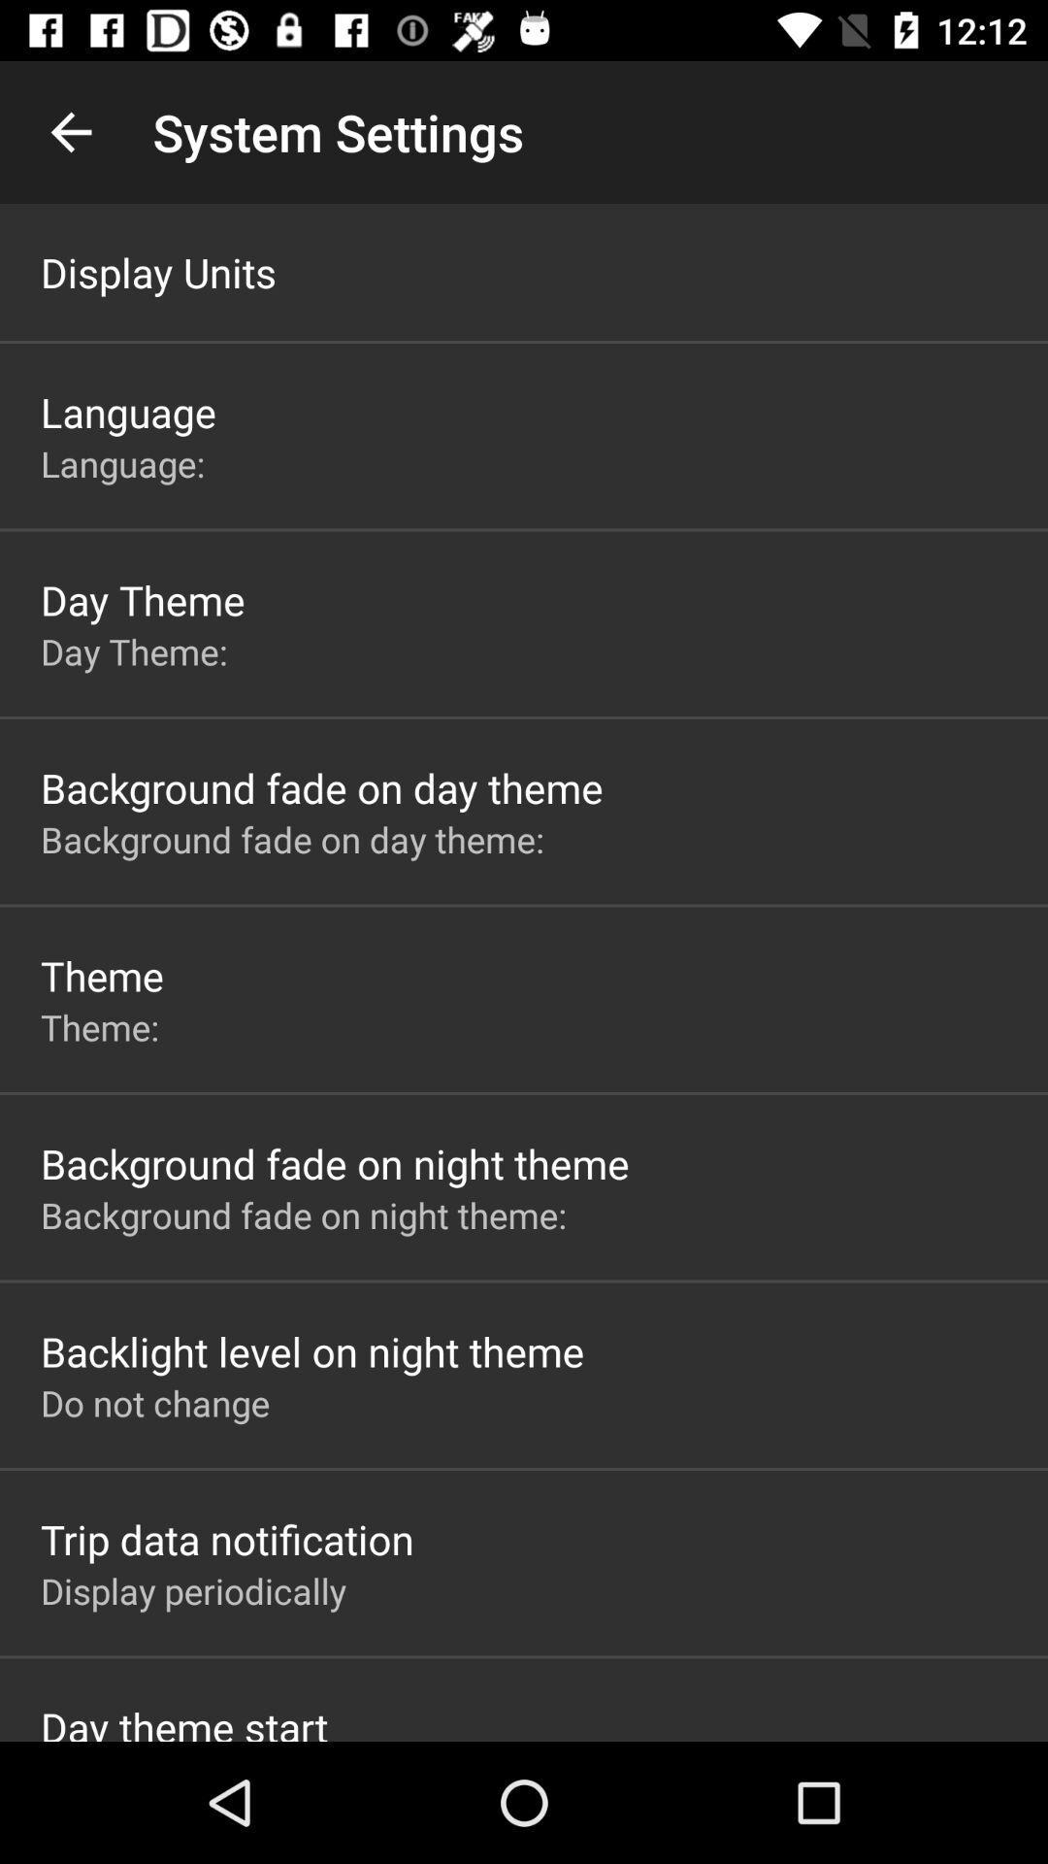  I want to click on the item above day theme start icon, so click(193, 1590).